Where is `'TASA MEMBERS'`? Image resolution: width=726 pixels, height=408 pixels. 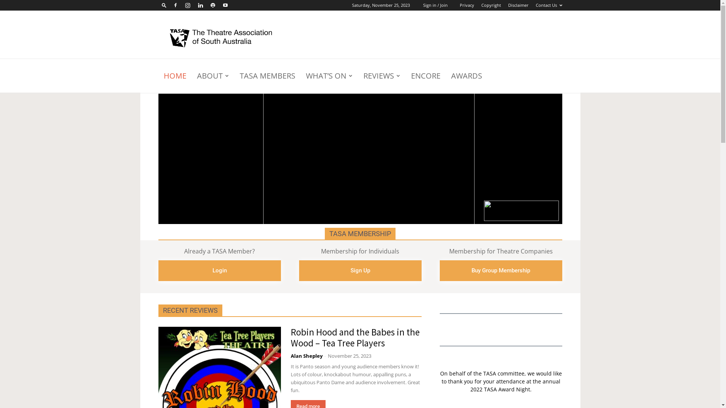
'TASA MEMBERS' is located at coordinates (267, 76).